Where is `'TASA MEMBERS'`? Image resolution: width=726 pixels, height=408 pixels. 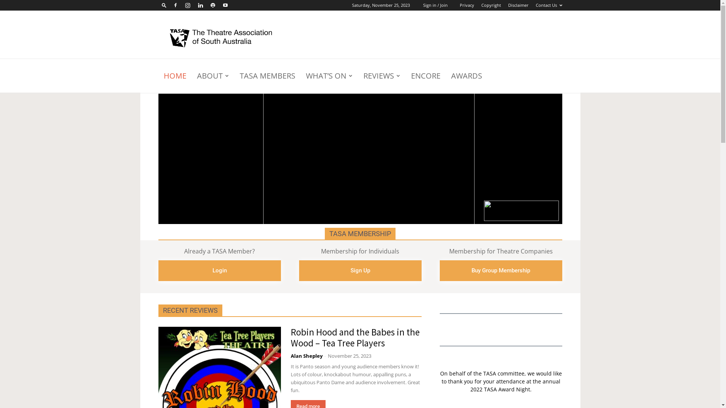
'TASA MEMBERS' is located at coordinates (267, 76).